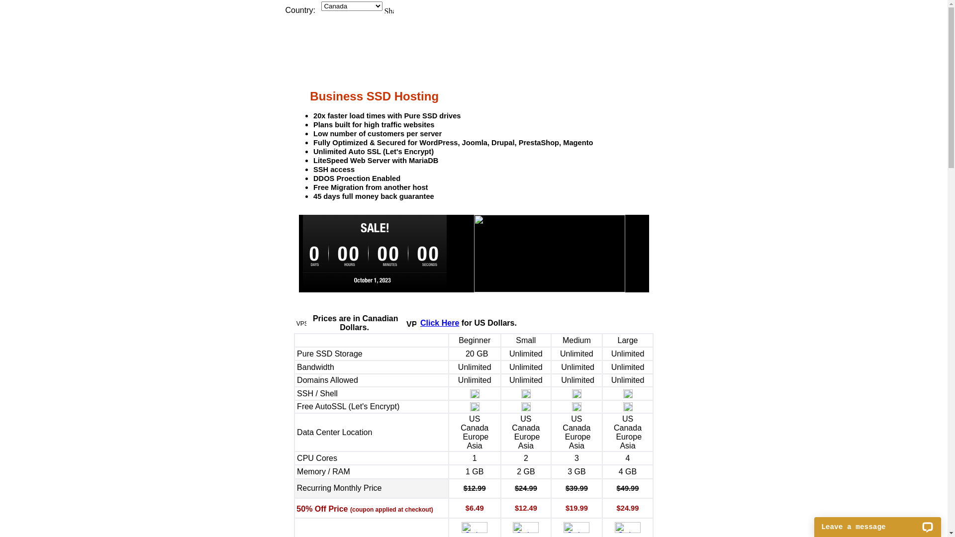 This screenshot has width=955, height=537. Describe the element at coordinates (439, 323) in the screenshot. I see `'Click Here'` at that location.